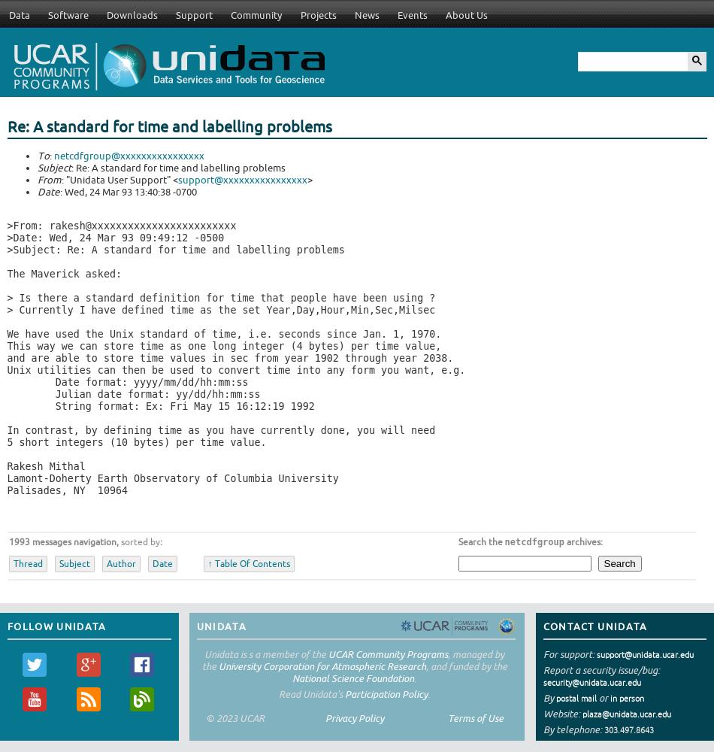 This screenshot has height=752, width=714. What do you see at coordinates (220, 625) in the screenshot?
I see `'Unidata'` at bounding box center [220, 625].